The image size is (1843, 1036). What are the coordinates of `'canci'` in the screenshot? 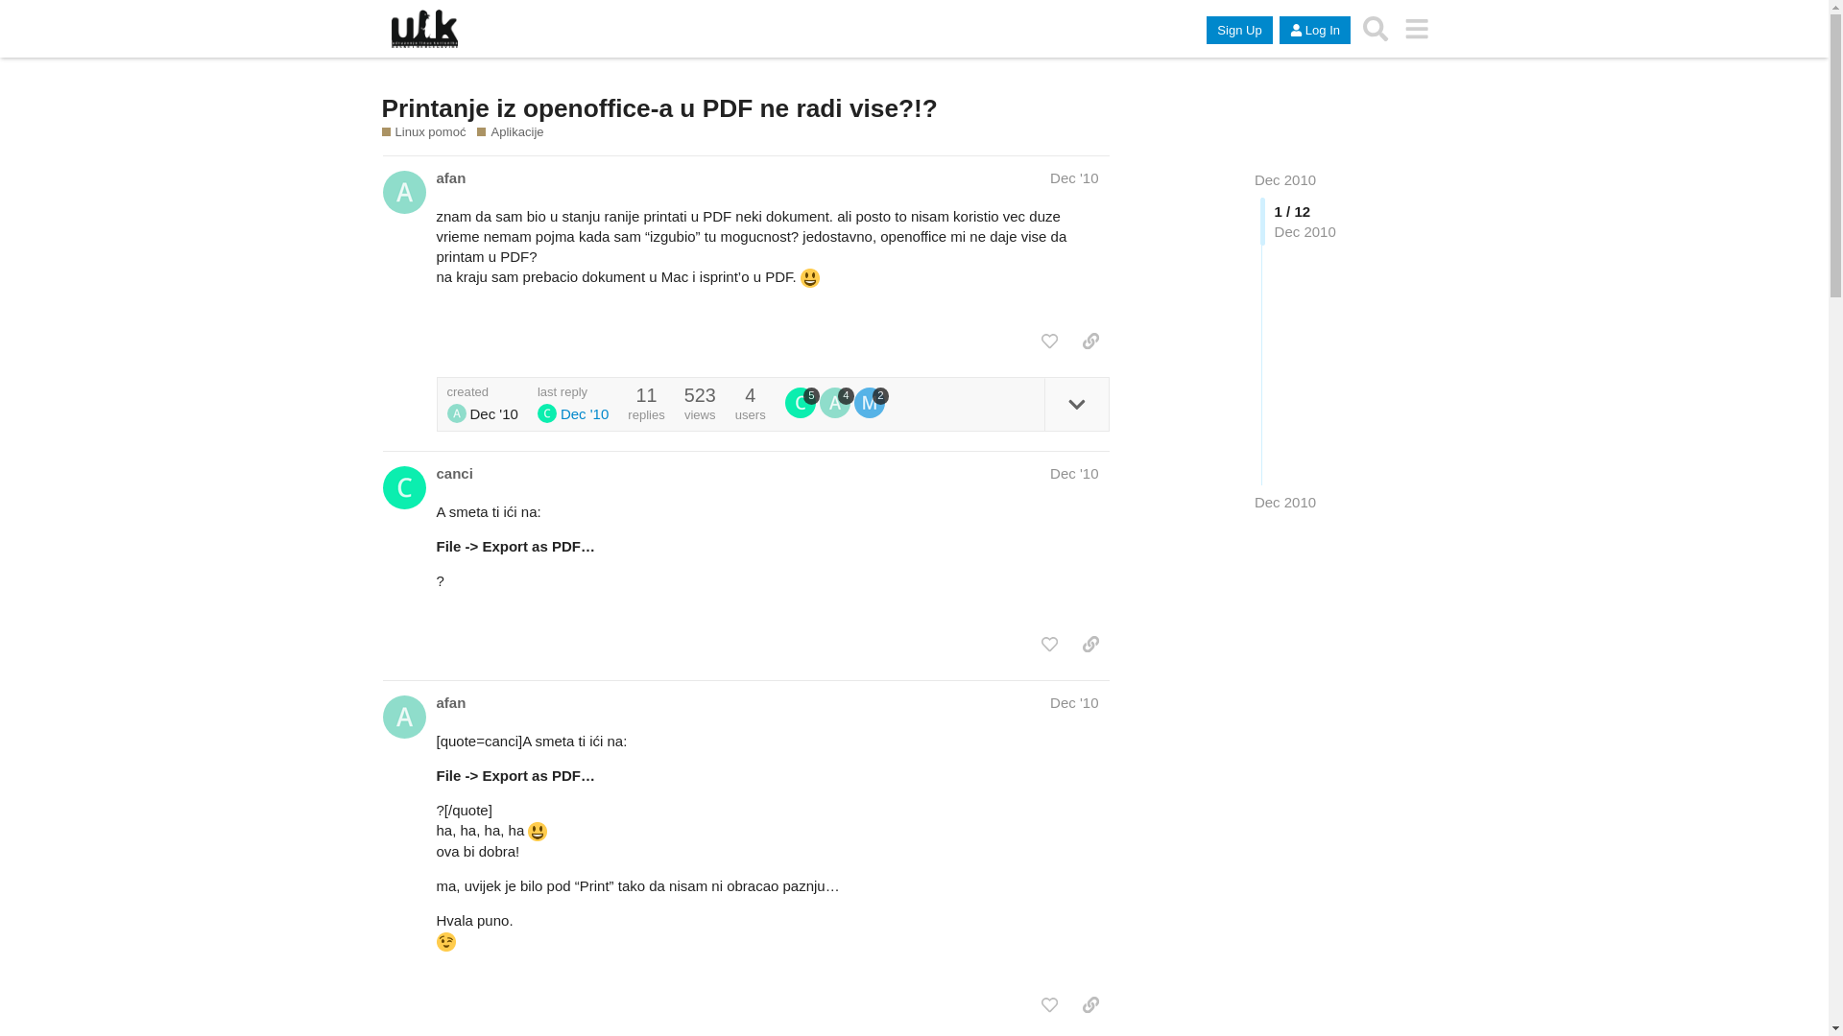 It's located at (453, 473).